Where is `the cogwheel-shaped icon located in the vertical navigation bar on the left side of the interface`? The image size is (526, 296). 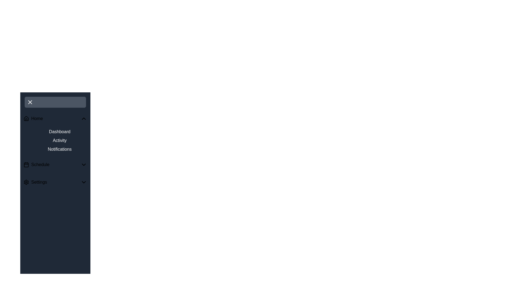 the cogwheel-shaped icon located in the vertical navigation bar on the left side of the interface is located at coordinates (26, 182).